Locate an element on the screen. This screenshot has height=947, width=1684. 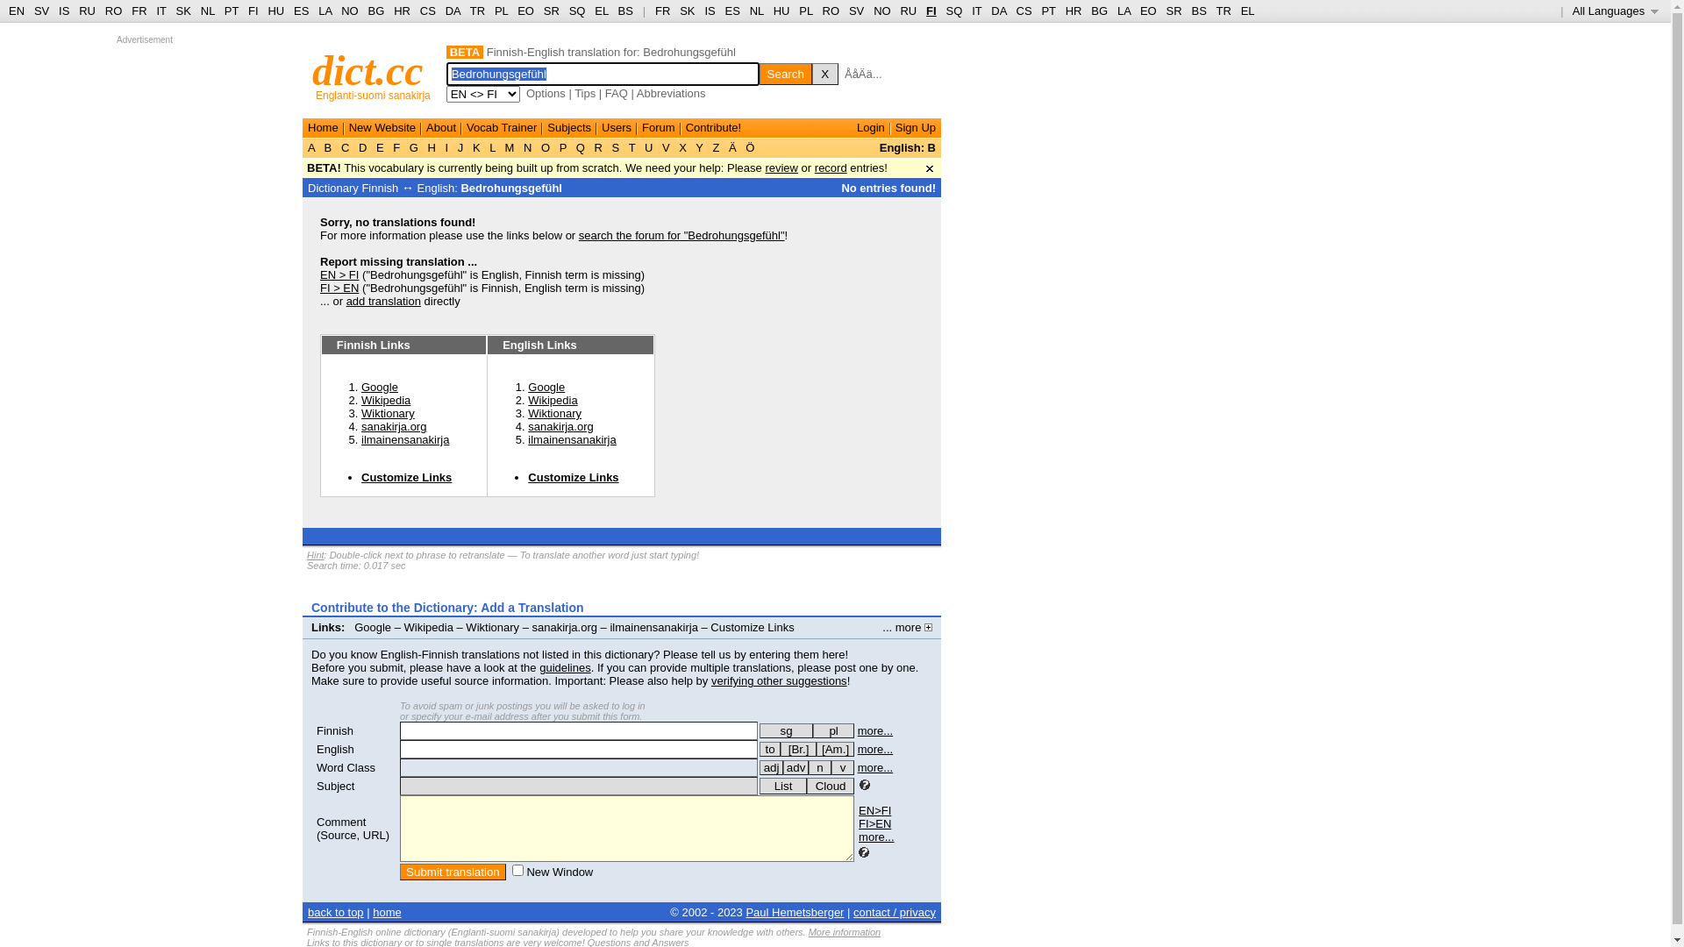
'HU' is located at coordinates (781, 11).